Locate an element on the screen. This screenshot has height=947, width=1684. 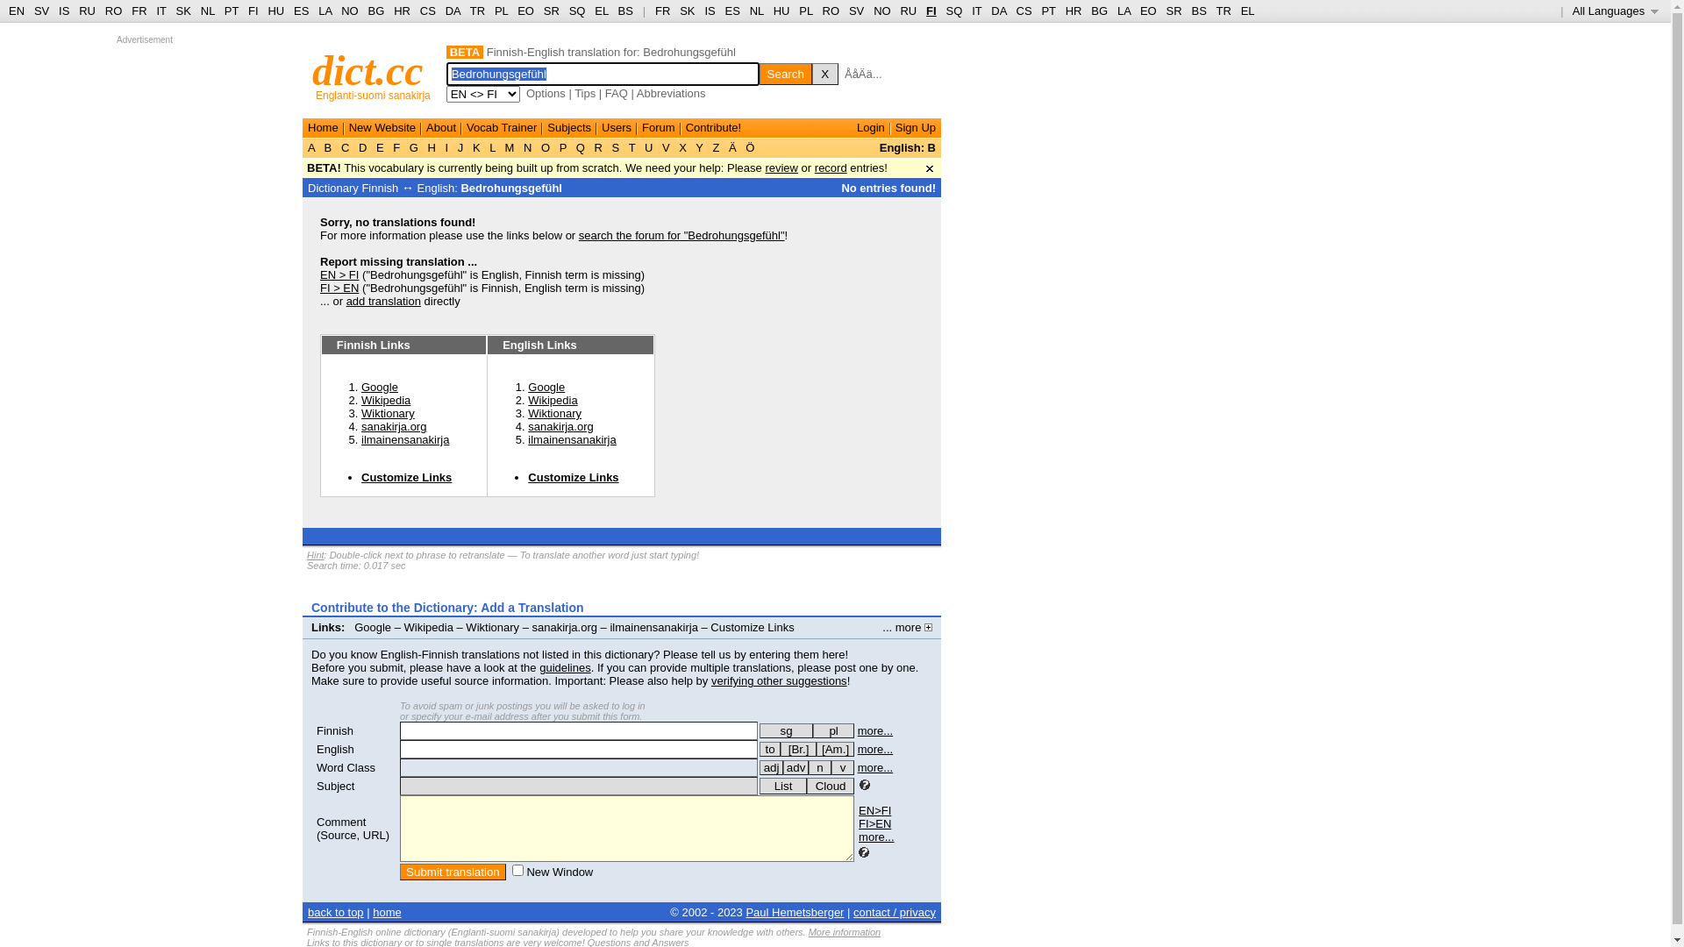
'HU' is located at coordinates (781, 11).